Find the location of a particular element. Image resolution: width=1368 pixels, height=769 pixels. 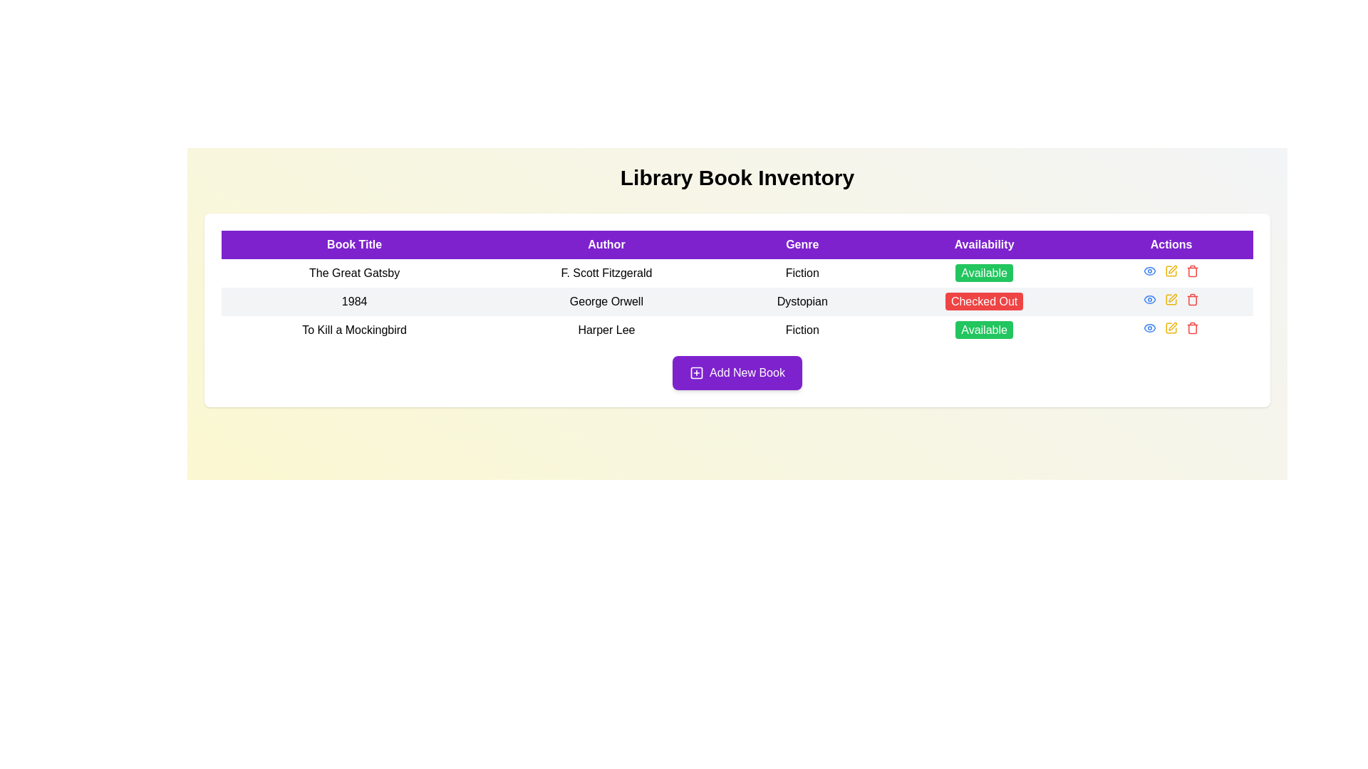

the red availability status label for the book titled '1984', which indicates its non-interactive availability status is located at coordinates (983, 300).